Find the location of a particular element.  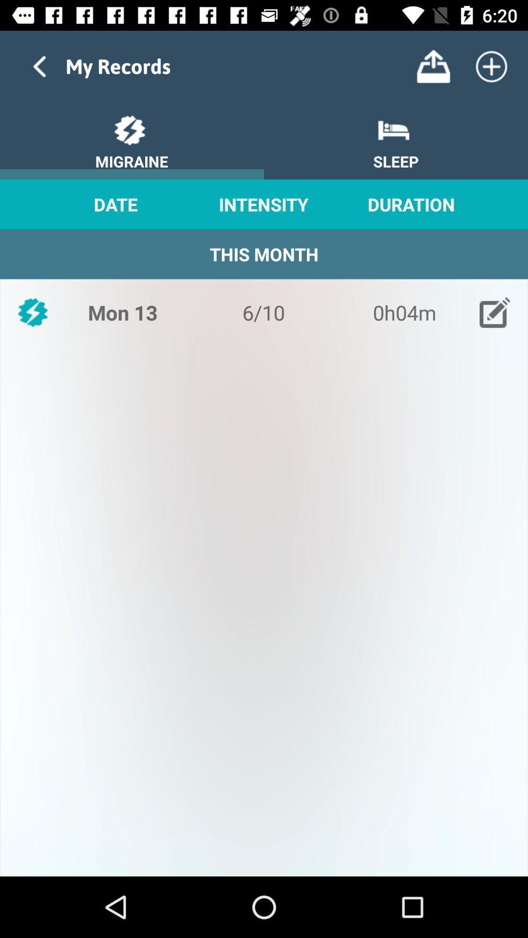

the button is used to upload is located at coordinates (433, 66).